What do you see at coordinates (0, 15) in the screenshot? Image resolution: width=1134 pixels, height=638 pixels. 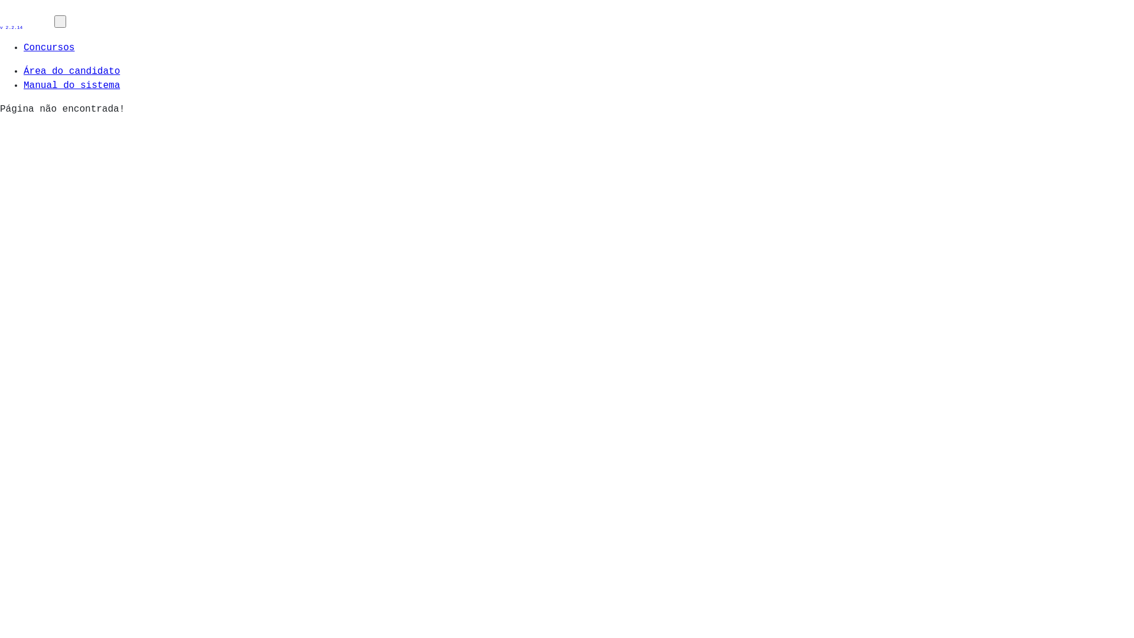 I see `'unesp'` at bounding box center [0, 15].